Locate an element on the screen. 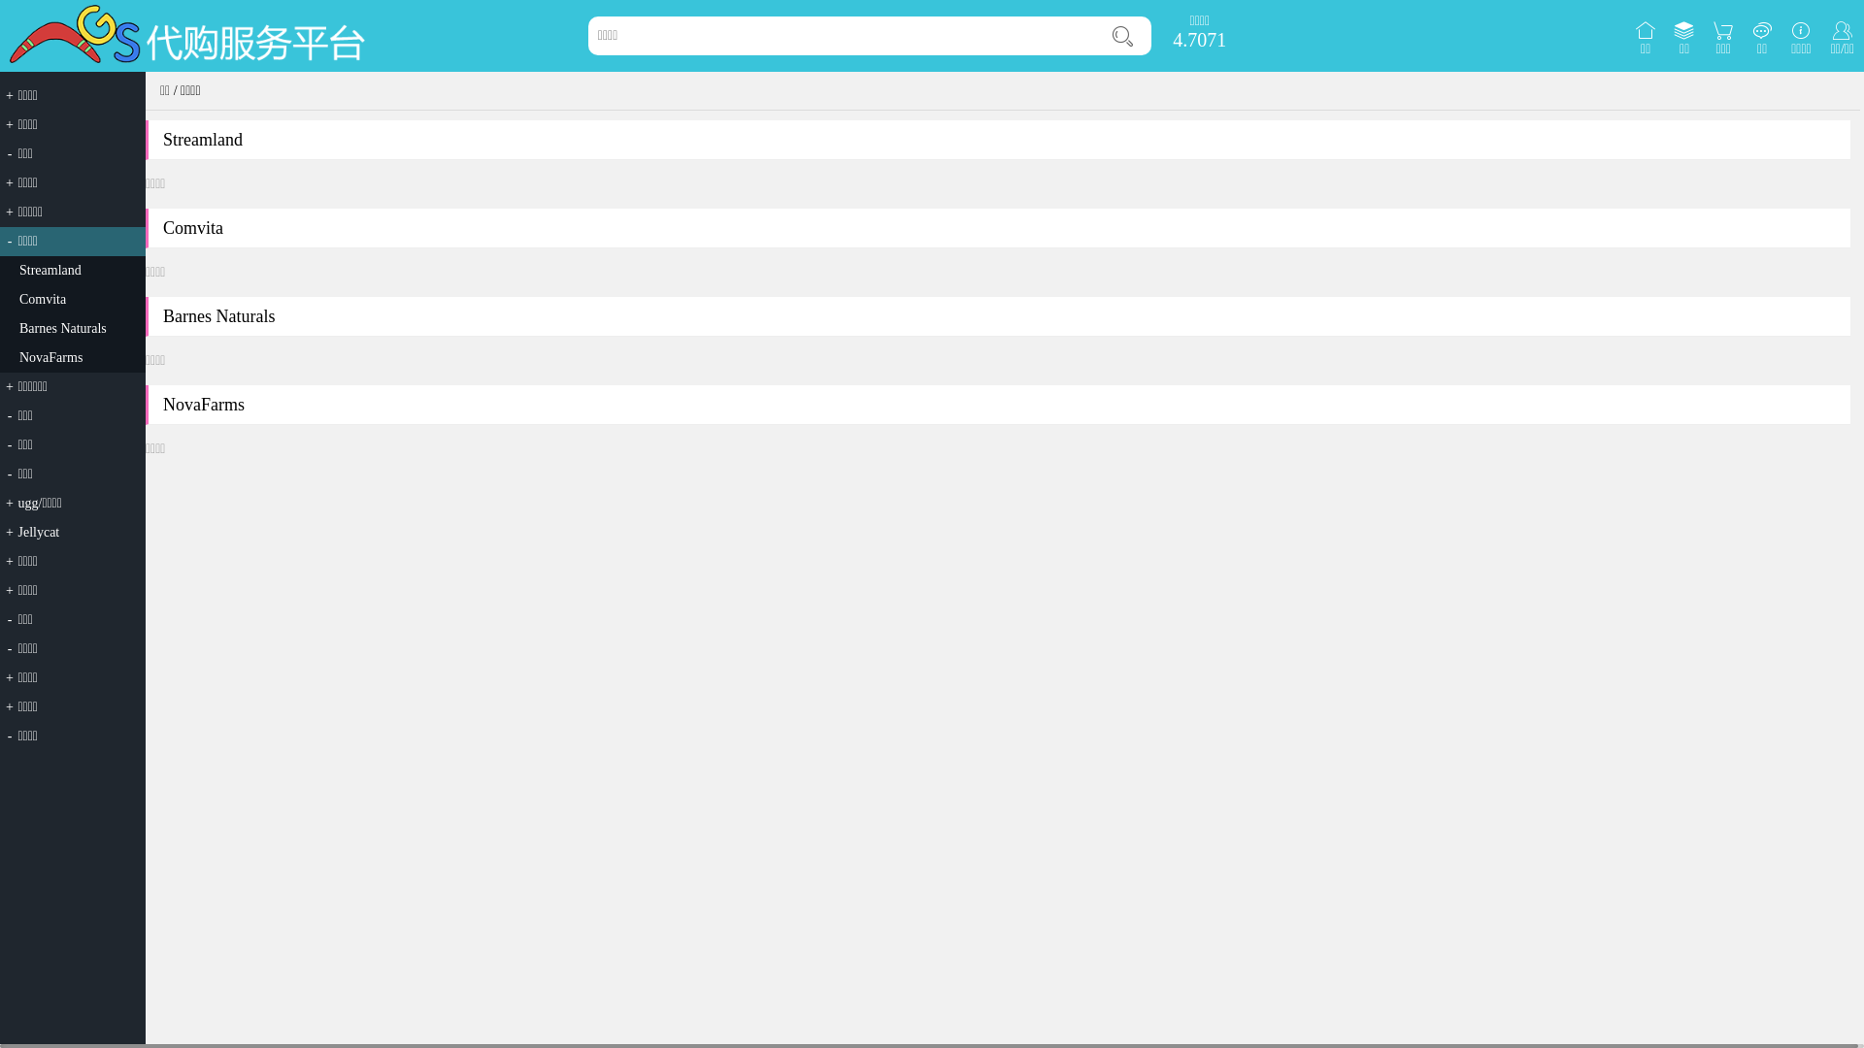 This screenshot has height=1048, width=1864. 'Jellycat' is located at coordinates (38, 532).